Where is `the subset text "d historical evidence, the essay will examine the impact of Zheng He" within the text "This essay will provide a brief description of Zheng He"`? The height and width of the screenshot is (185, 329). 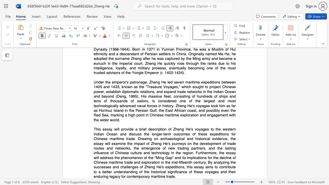
the subset text "d historical evidence, the essay will examine the impact of Zheng He" within the text "This essay will provide a brief description of Zheng He" is located at coordinates (191, 139).